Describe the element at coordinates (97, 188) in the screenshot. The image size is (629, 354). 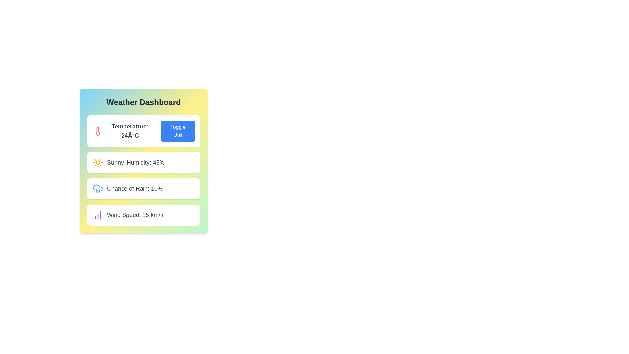
I see `the cloud icon featuring rain drops, which is located to the left of the text 'Chance of Rain: 10%' in the weather dashboard interface` at that location.